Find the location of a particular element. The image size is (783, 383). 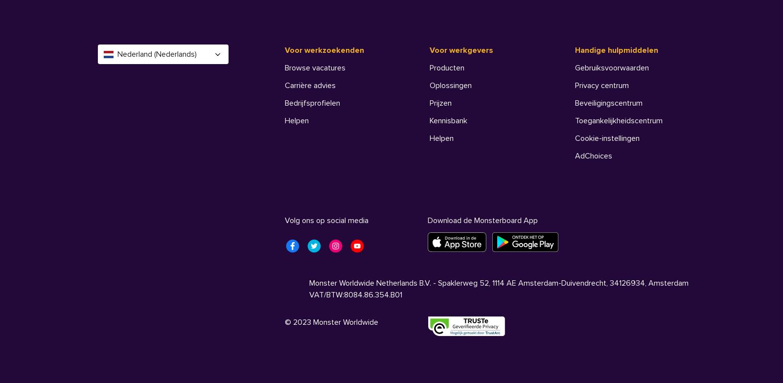

'Download de Monsterboard App' is located at coordinates (482, 220).